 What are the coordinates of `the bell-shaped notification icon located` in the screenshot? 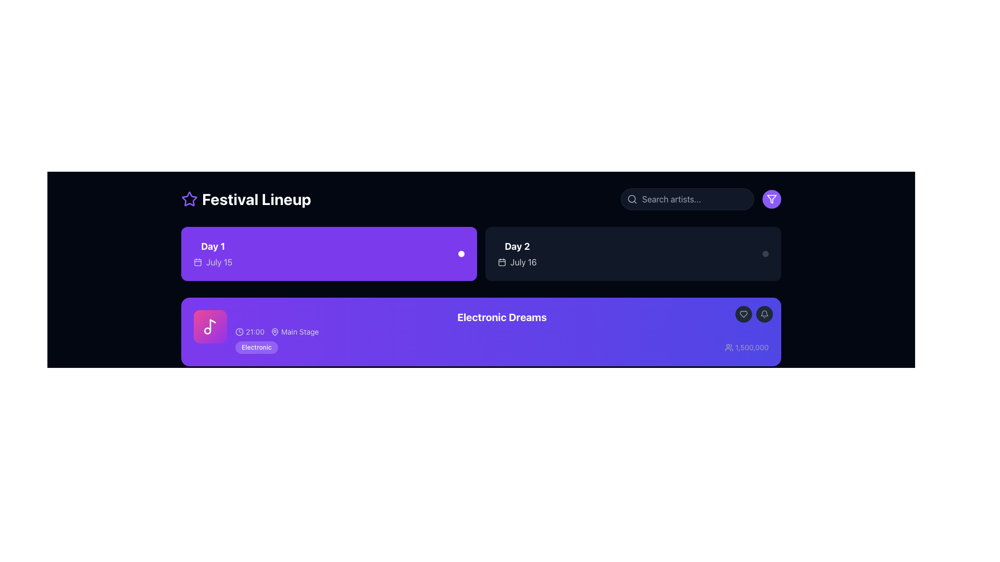 It's located at (765, 314).